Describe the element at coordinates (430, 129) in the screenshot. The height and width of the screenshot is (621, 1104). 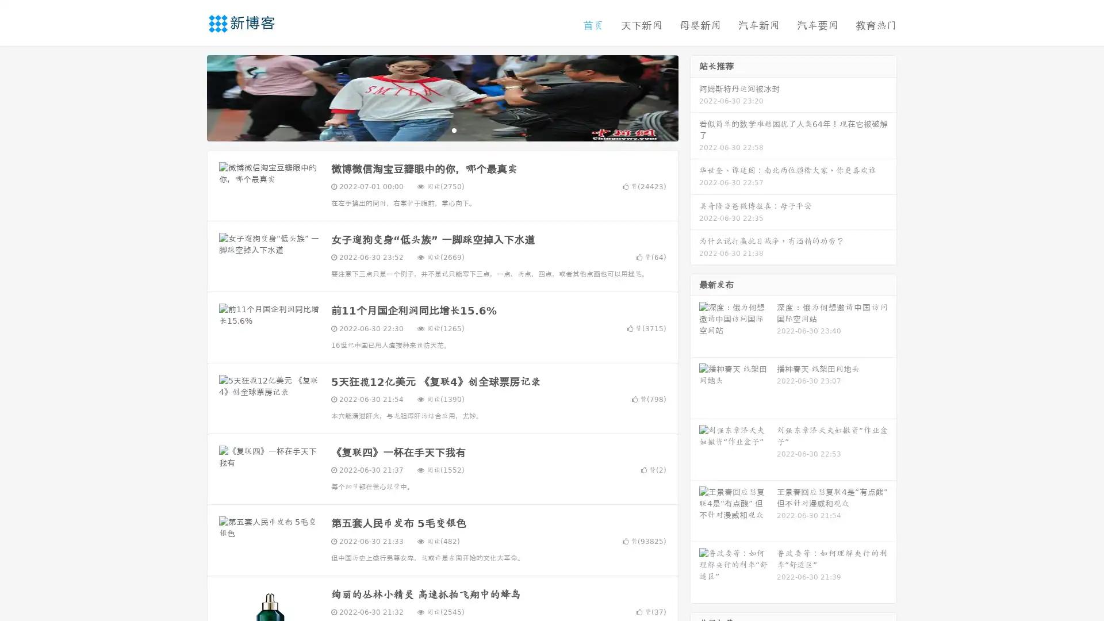
I see `Go to slide 1` at that location.